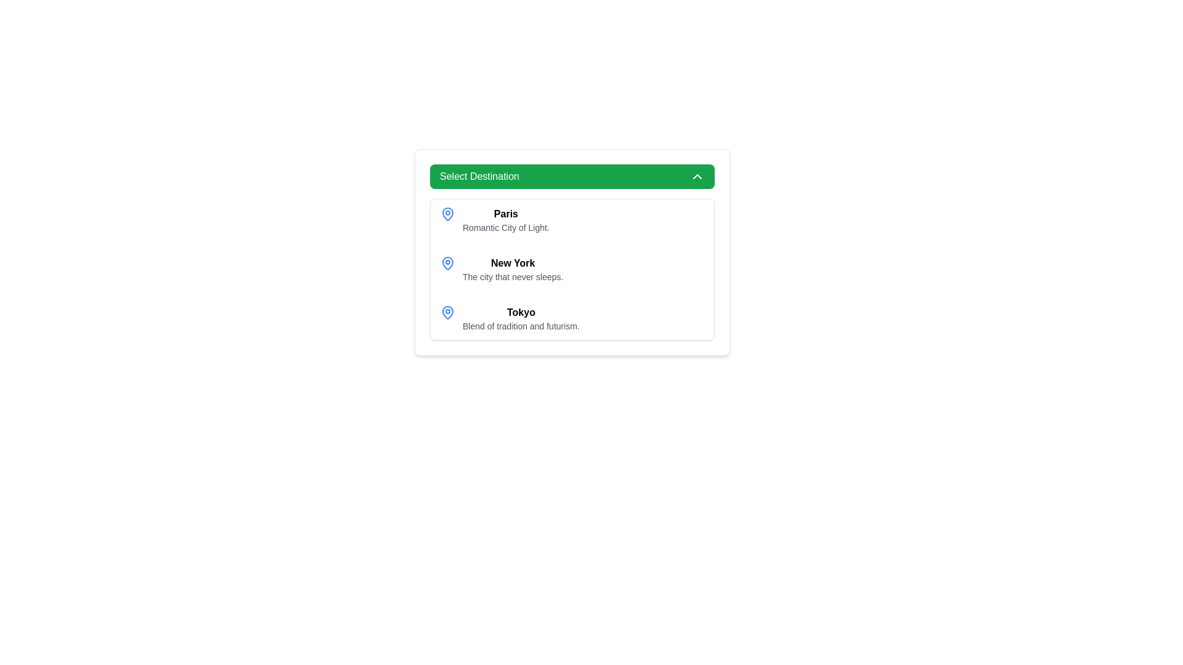 The image size is (1183, 665). Describe the element at coordinates (447, 213) in the screenshot. I see `the blue map pin icon located to the left of the list item labeled 'Paris Romantic City of Light.'` at that location.